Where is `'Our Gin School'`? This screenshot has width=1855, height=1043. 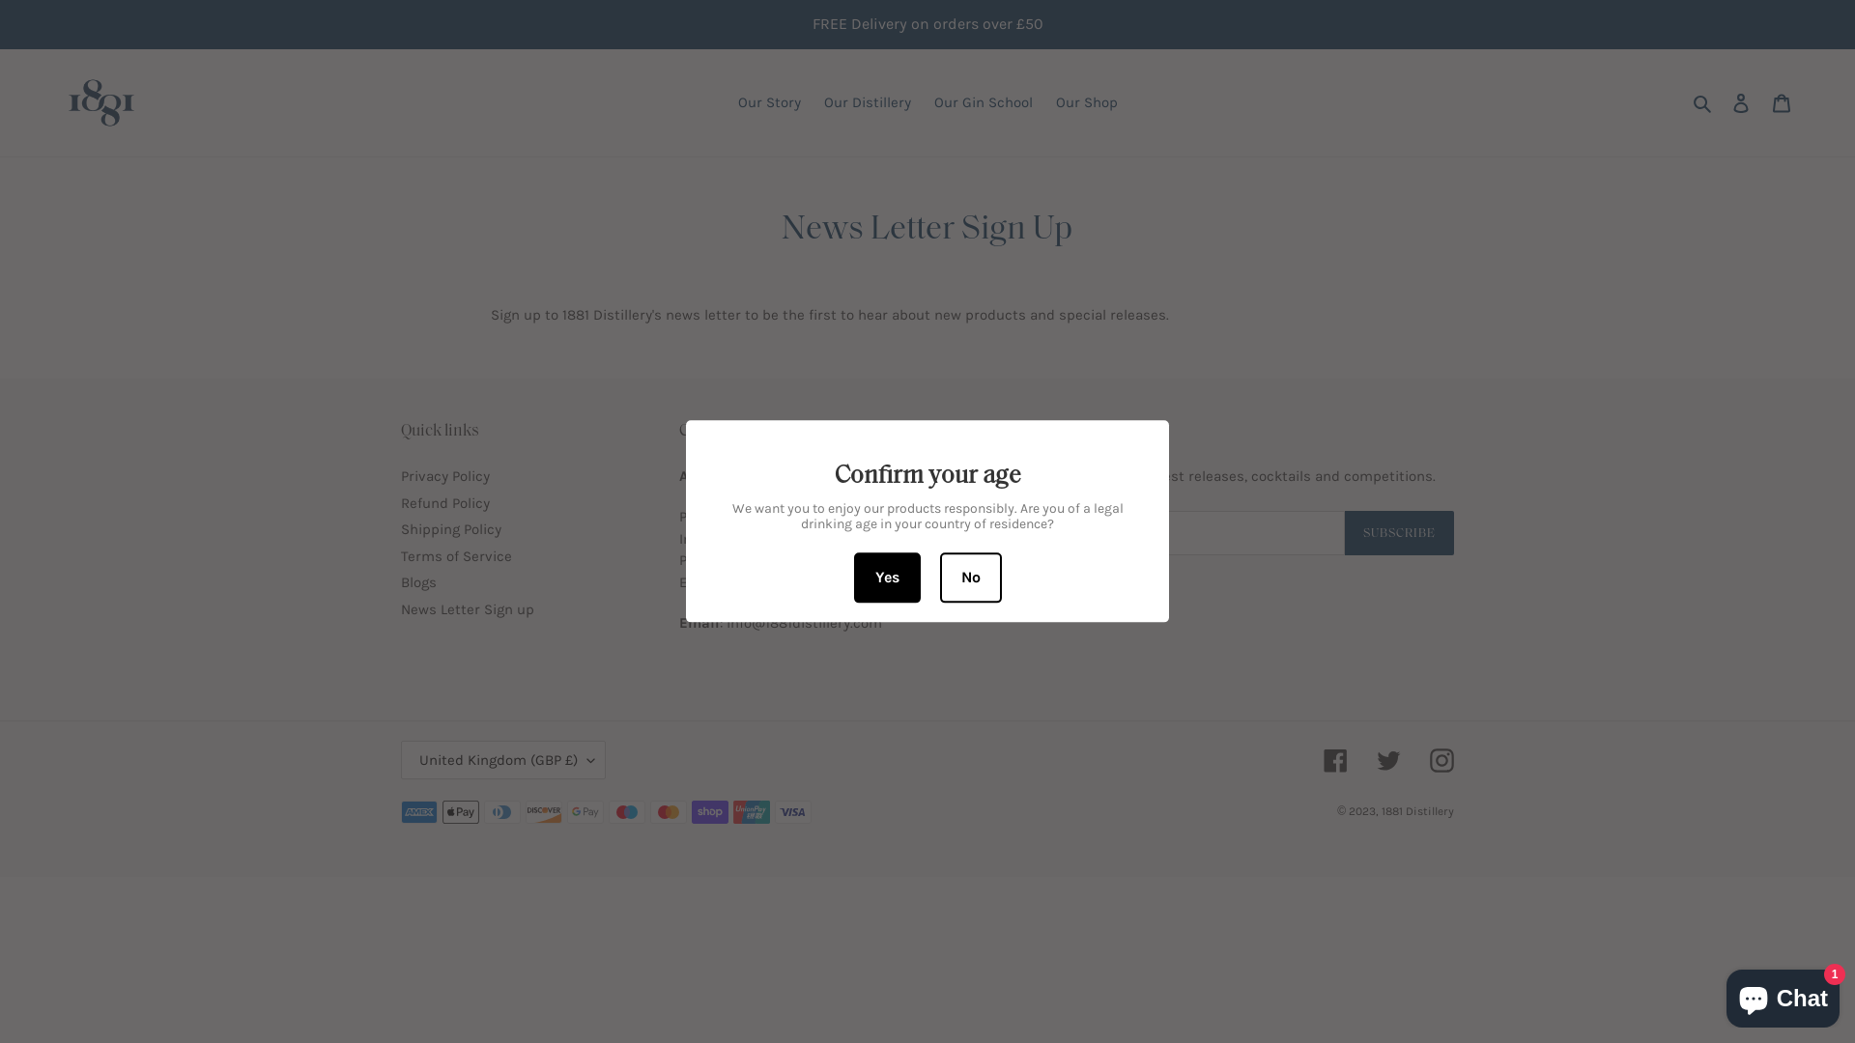 'Our Gin School' is located at coordinates (983, 102).